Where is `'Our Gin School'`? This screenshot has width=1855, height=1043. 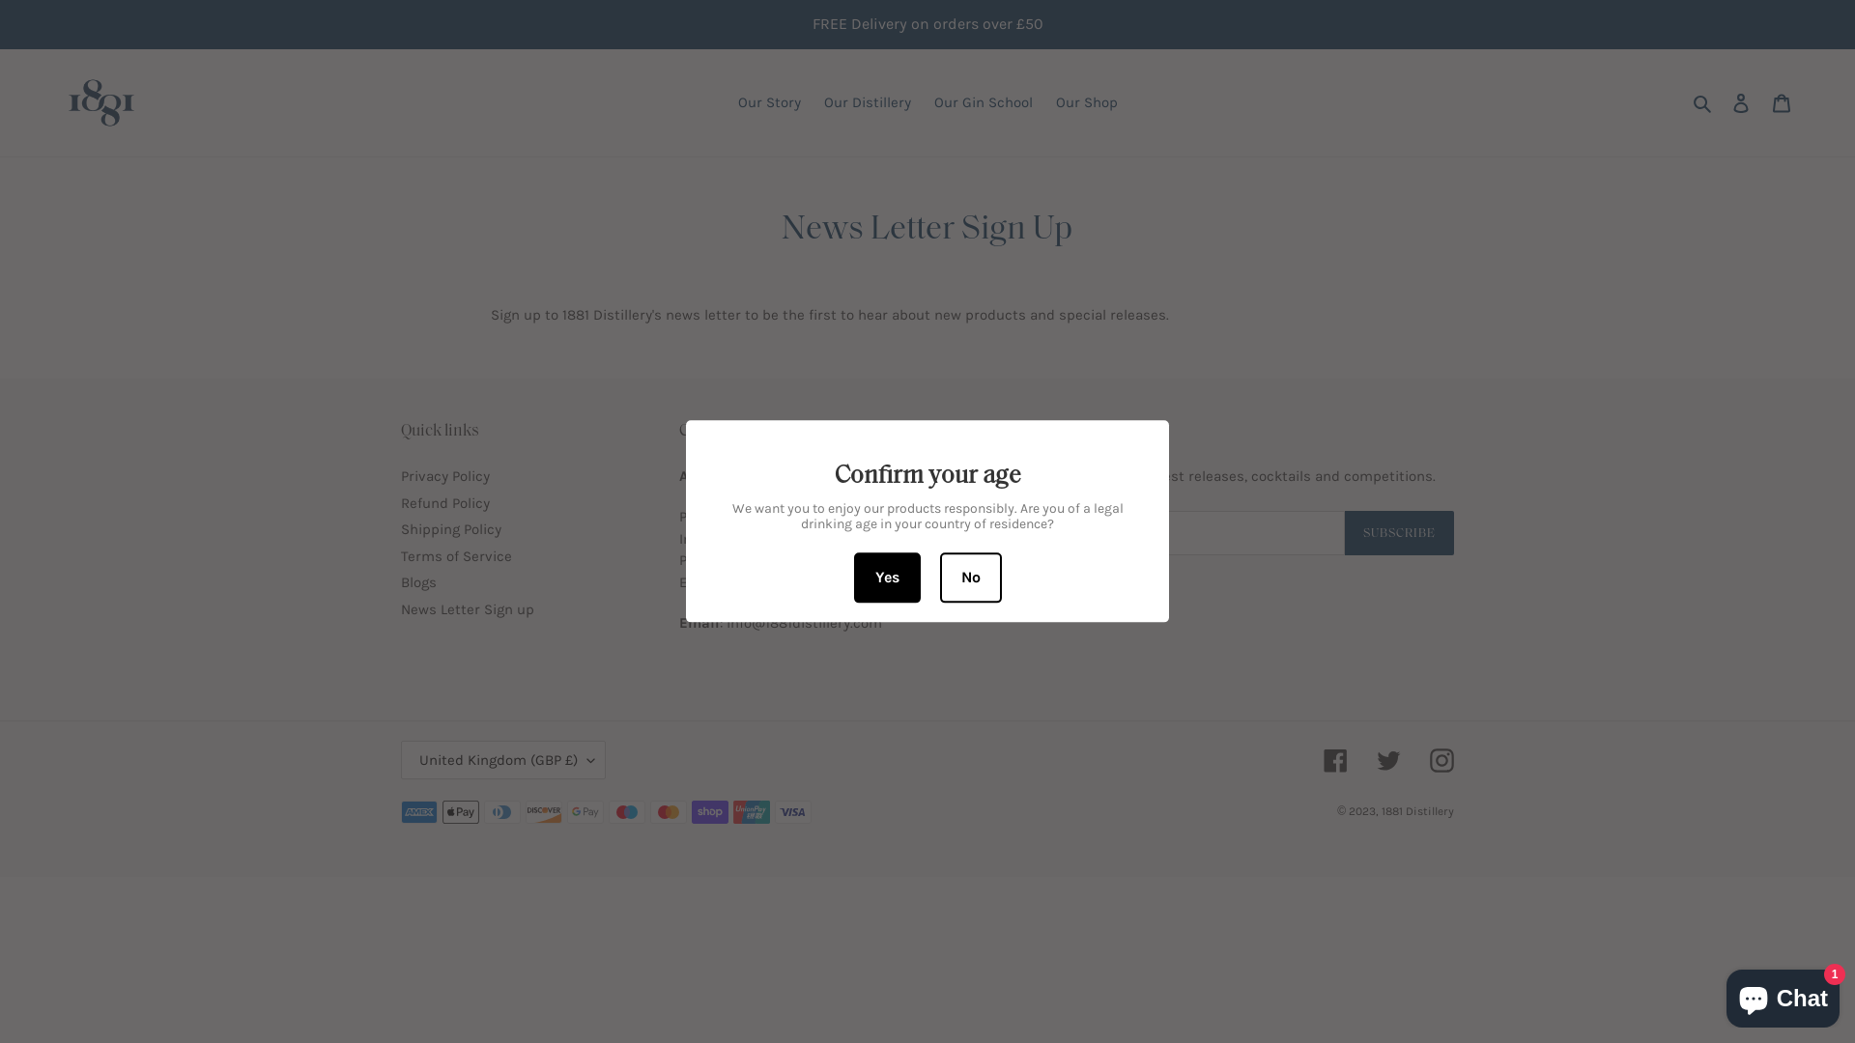 'Our Gin School' is located at coordinates (983, 102).